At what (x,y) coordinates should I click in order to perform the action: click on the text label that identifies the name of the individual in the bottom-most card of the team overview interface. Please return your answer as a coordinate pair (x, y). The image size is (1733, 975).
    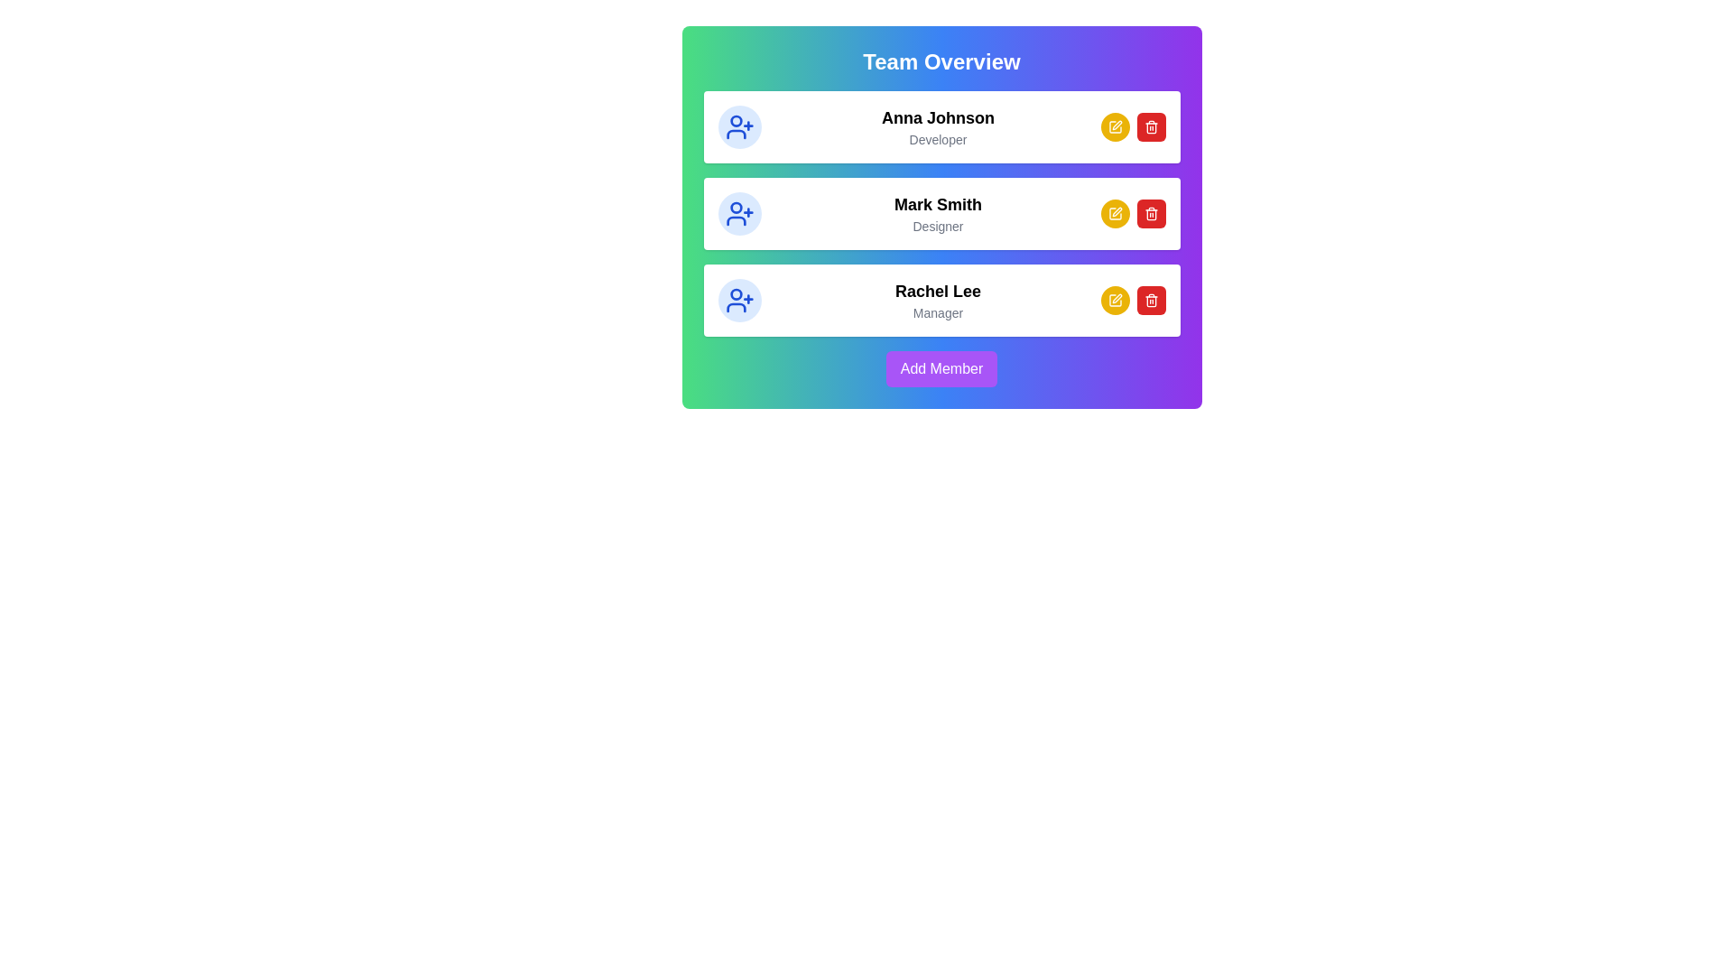
    Looking at the image, I should click on (938, 291).